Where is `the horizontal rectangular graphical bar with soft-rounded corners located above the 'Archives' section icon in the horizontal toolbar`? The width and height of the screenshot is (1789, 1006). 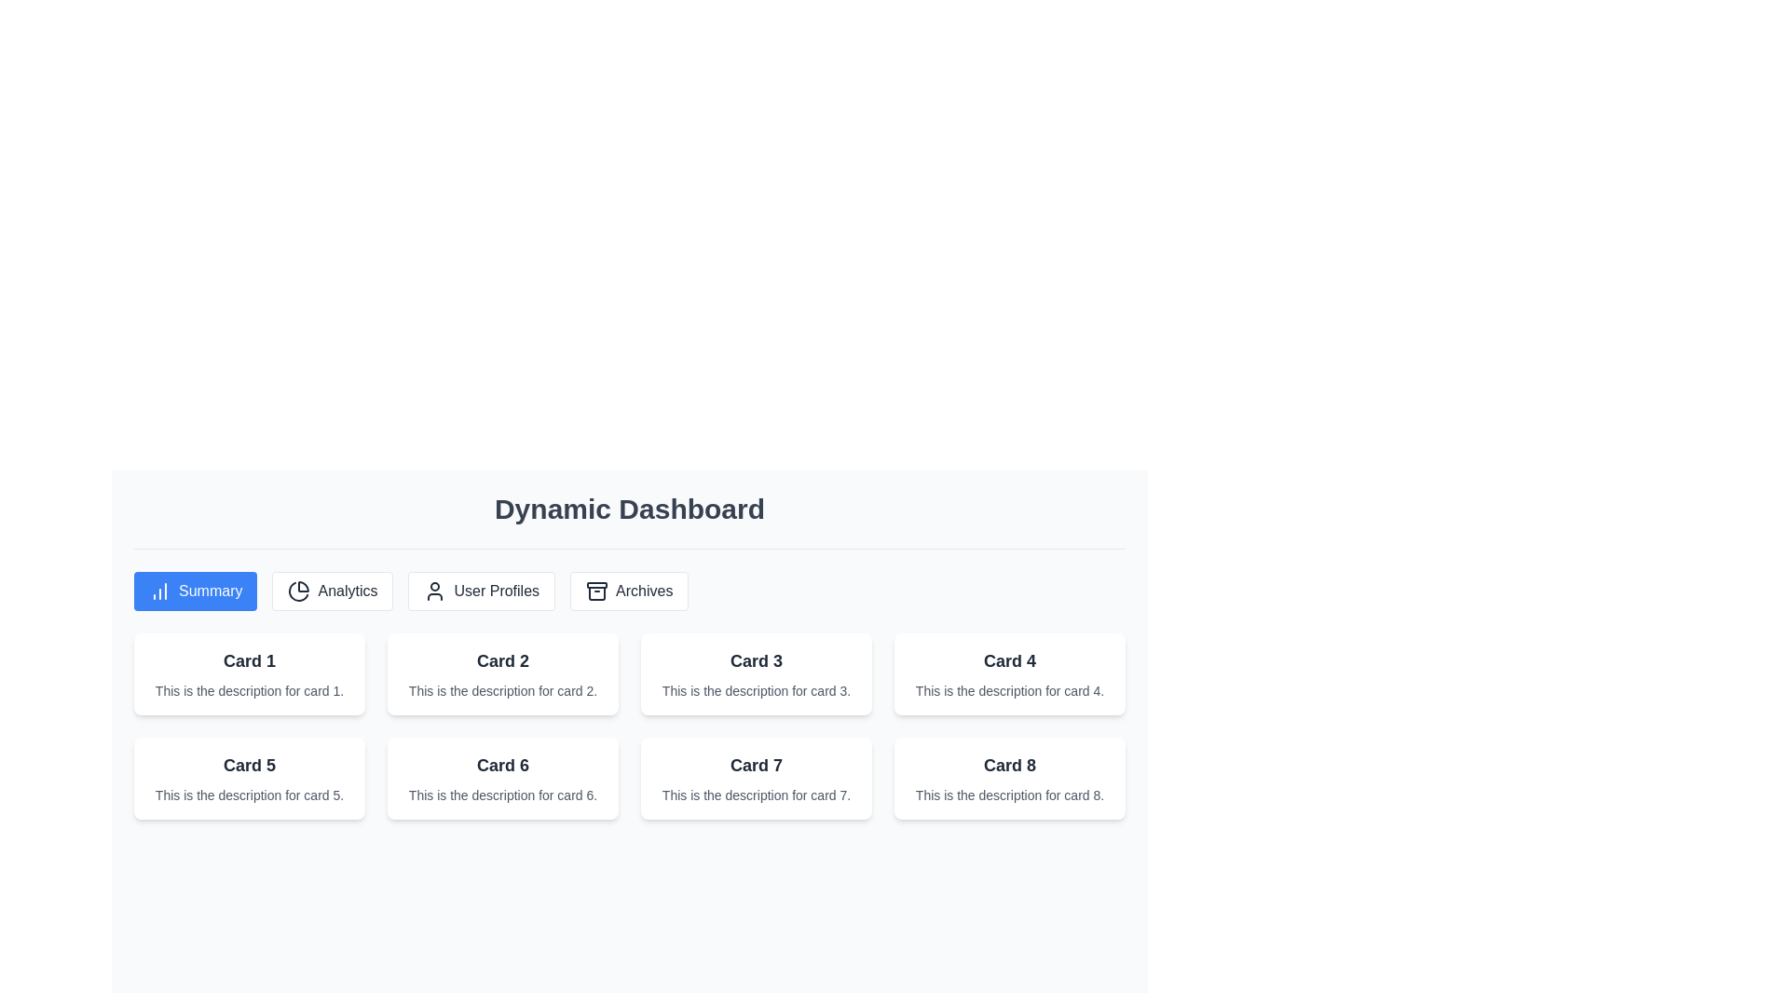
the horizontal rectangular graphical bar with soft-rounded corners located above the 'Archives' section icon in the horizontal toolbar is located at coordinates (597, 584).